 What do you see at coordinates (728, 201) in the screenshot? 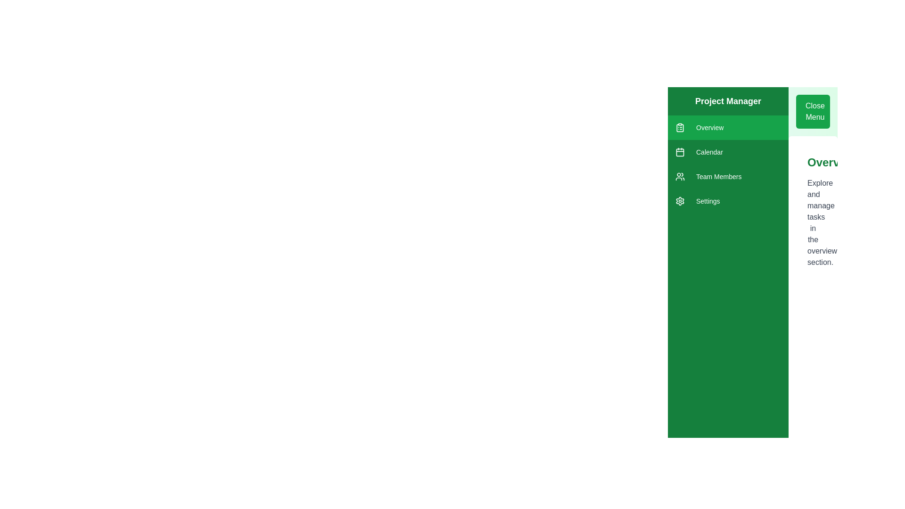
I see `the 'Settings' menu item to navigate to the 'Settings' section` at bounding box center [728, 201].